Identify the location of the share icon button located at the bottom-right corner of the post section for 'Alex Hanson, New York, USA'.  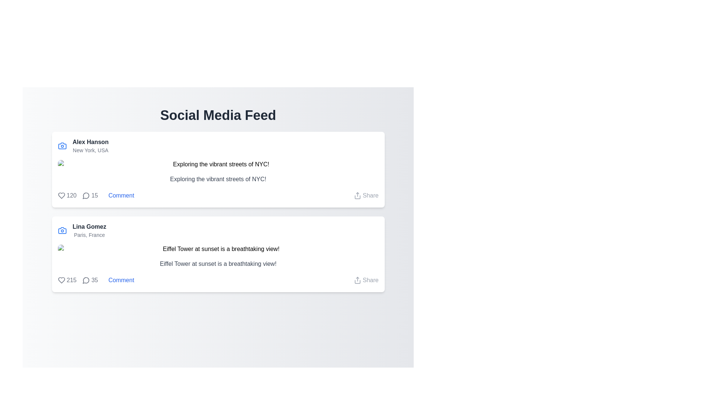
(357, 195).